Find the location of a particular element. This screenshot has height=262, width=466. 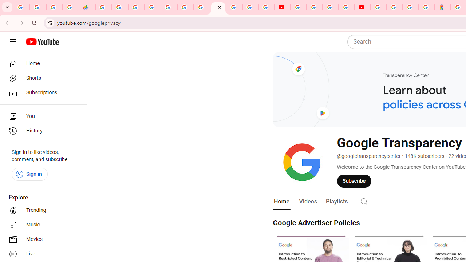

'Trending' is located at coordinates (41, 210).